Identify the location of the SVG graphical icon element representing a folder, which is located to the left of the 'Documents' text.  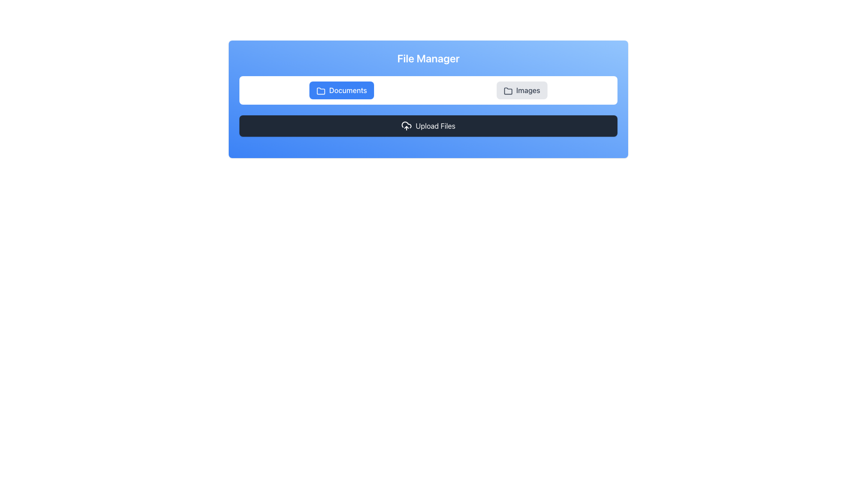
(321, 91).